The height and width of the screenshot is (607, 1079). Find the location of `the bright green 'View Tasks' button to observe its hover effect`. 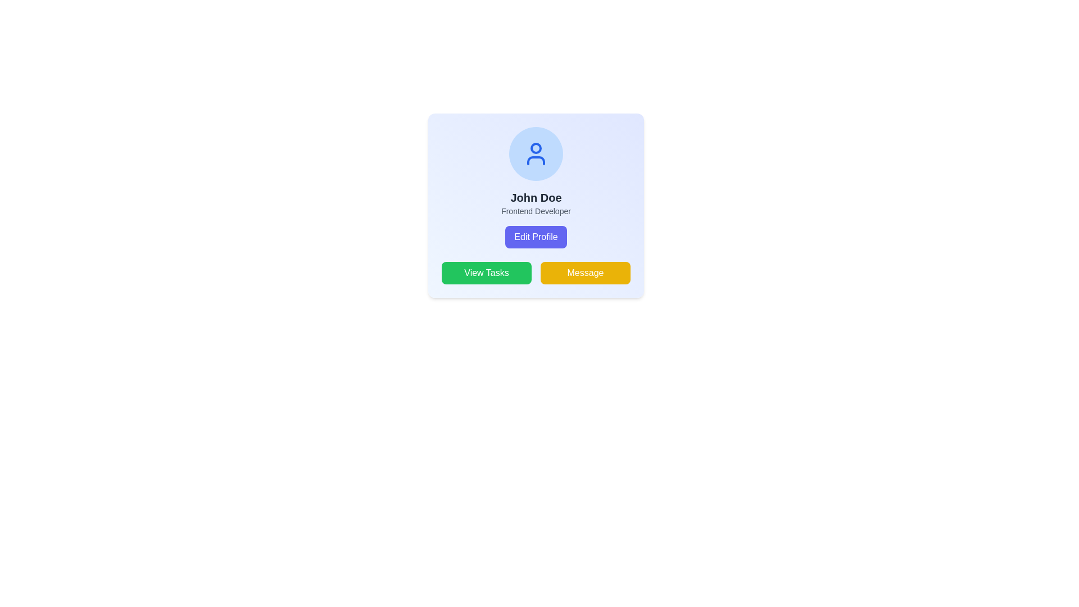

the bright green 'View Tasks' button to observe its hover effect is located at coordinates (486, 273).